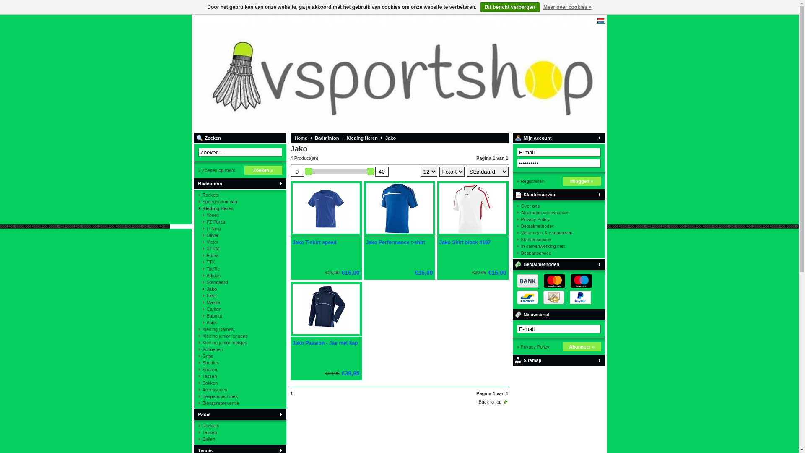  I want to click on 'Nederlands', so click(600, 20).